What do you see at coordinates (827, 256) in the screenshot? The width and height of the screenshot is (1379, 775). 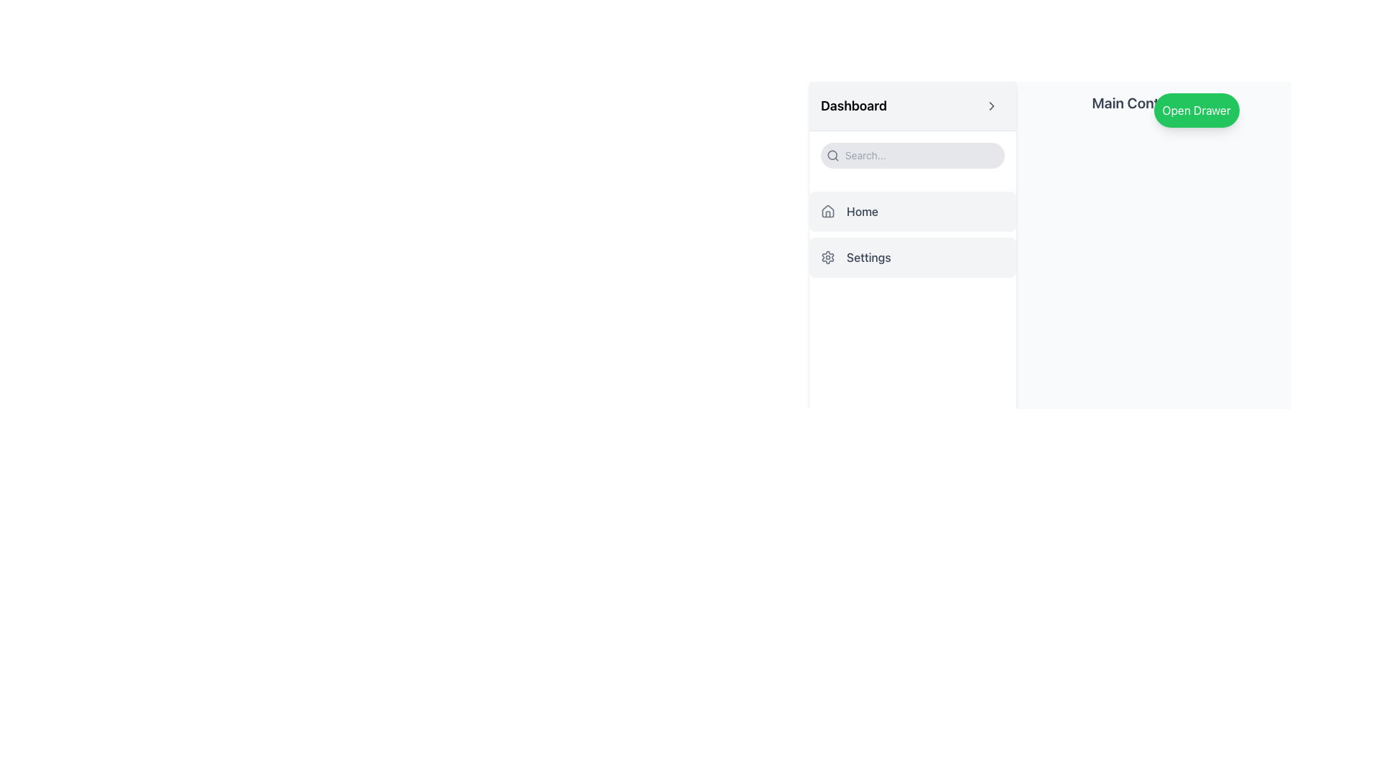 I see `the outer graphical ring of the cogwheel icon in the settings menu` at bounding box center [827, 256].